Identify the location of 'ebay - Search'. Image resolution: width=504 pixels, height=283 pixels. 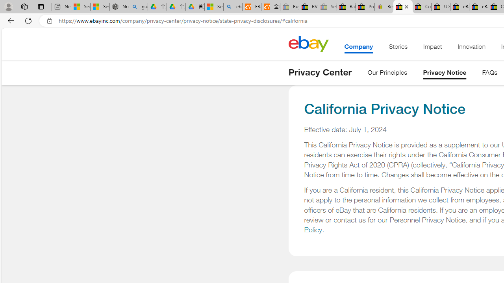
(233, 7).